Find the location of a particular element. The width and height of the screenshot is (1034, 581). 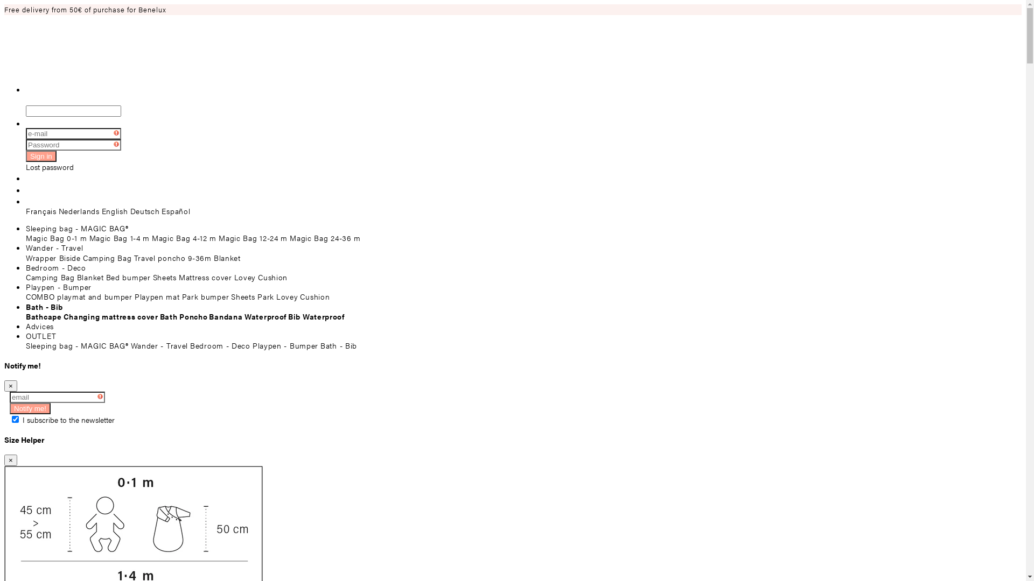

'Cushion' is located at coordinates (299, 296).